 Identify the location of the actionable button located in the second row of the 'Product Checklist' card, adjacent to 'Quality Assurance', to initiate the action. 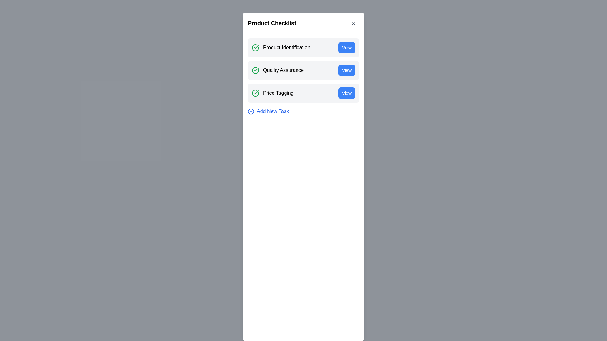
(346, 70).